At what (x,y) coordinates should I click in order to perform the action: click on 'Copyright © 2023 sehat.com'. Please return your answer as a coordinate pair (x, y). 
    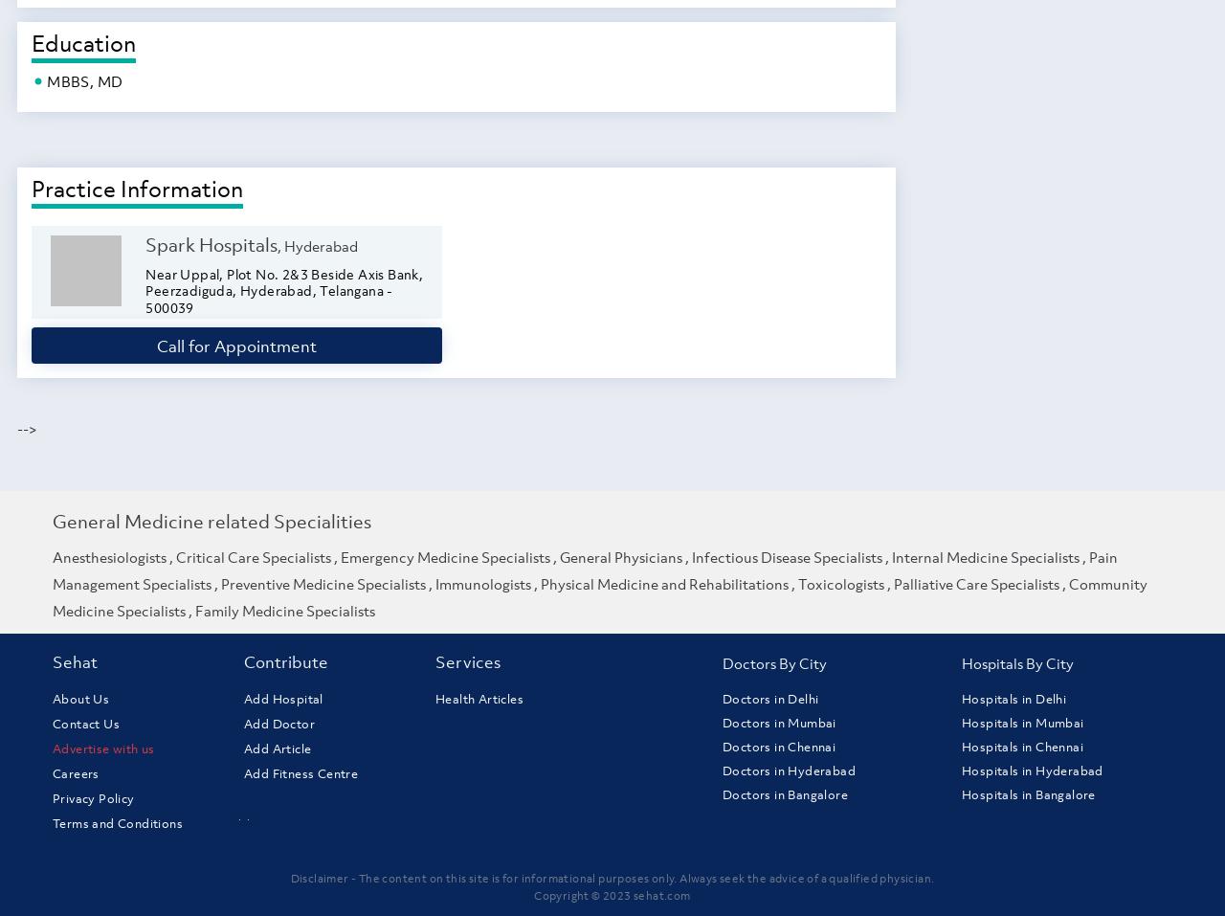
    Looking at the image, I should click on (611, 894).